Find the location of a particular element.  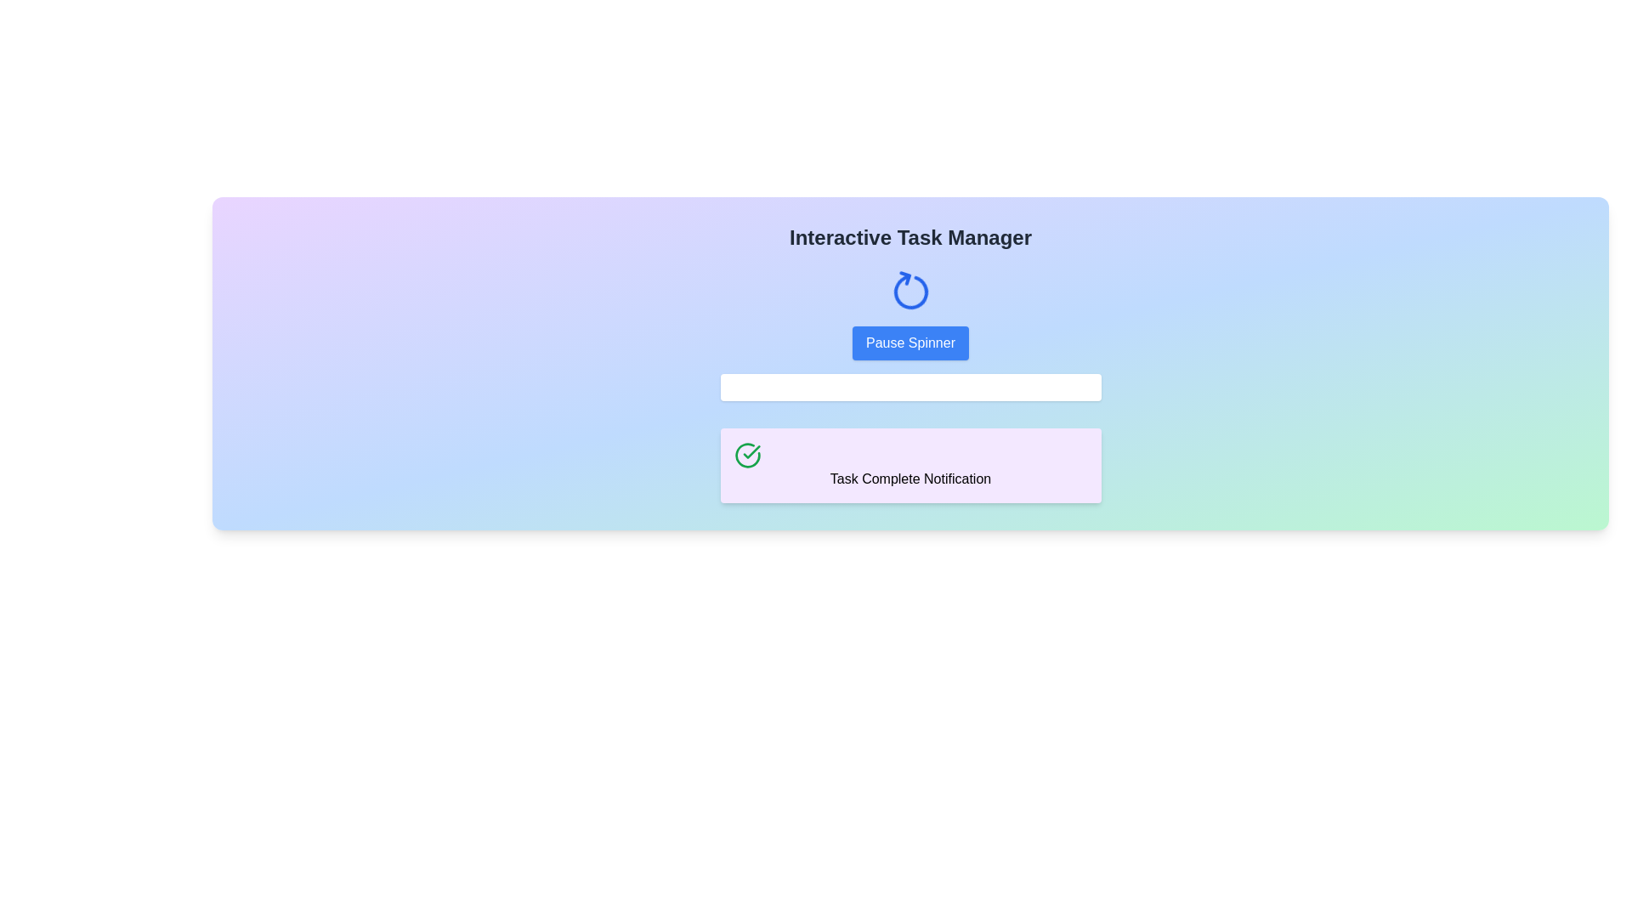

the task completion icon located to the left of the 'Task Complete Notification' text is located at coordinates (747, 455).